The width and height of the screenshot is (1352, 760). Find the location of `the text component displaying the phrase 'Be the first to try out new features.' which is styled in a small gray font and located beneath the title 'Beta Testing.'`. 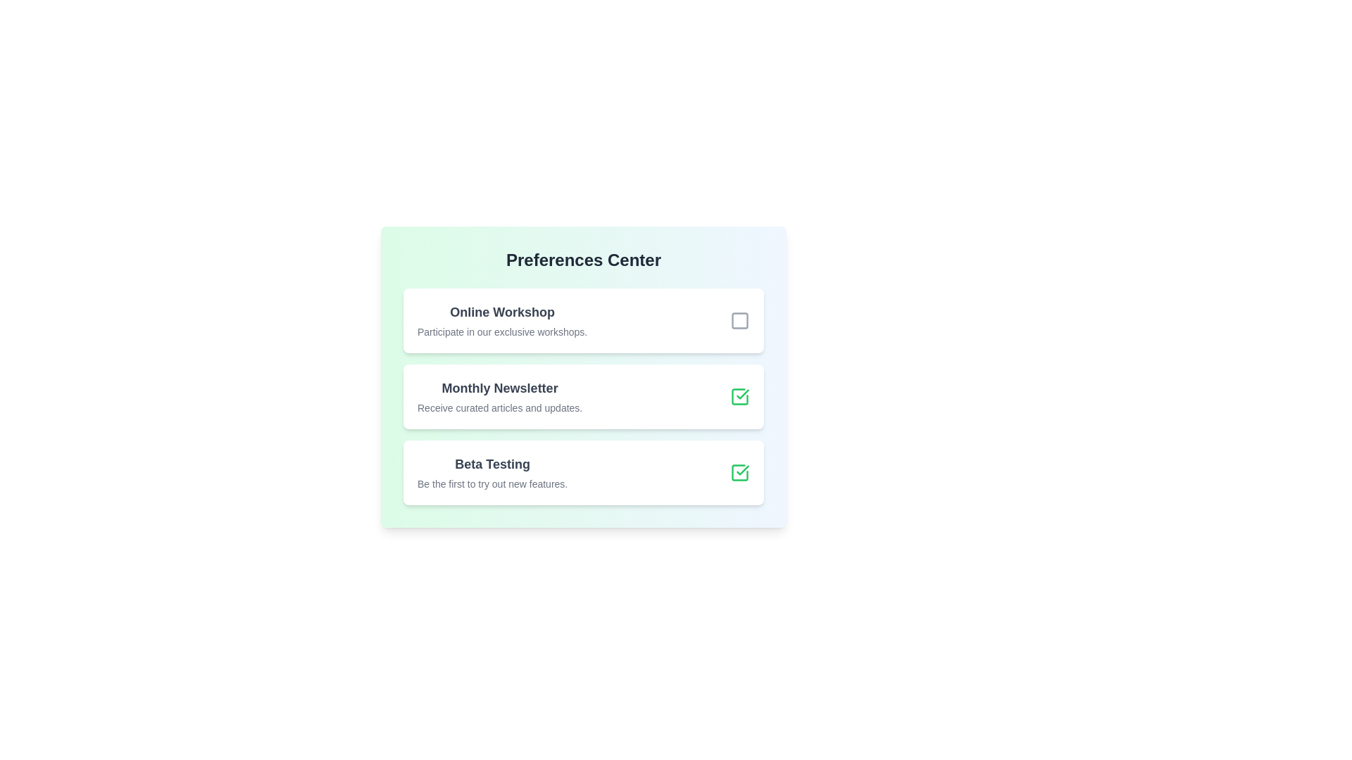

the text component displaying the phrase 'Be the first to try out new features.' which is styled in a small gray font and located beneath the title 'Beta Testing.' is located at coordinates (492, 483).